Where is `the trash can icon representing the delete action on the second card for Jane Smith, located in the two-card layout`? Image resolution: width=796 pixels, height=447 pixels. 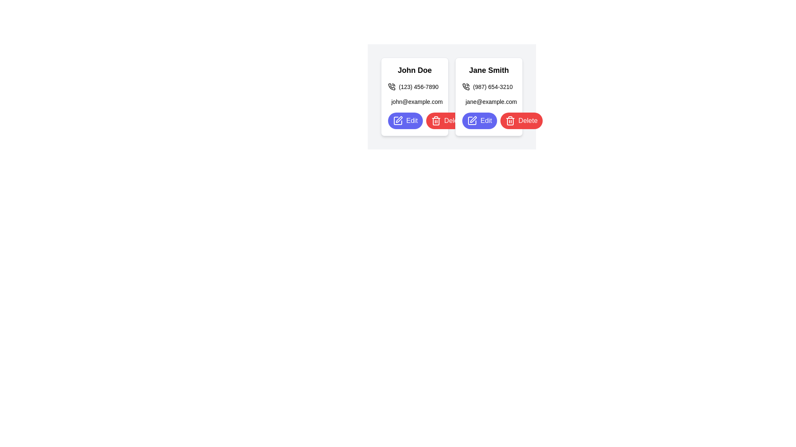
the trash can icon representing the delete action on the second card for Jane Smith, located in the two-card layout is located at coordinates (510, 121).